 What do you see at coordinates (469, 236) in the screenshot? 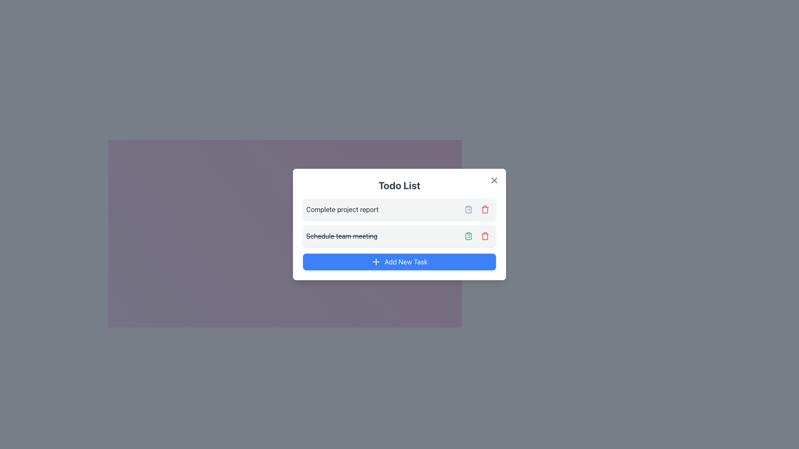
I see `the green clipboard icon located to the right of the task title in the second task of the to-do list interface` at bounding box center [469, 236].